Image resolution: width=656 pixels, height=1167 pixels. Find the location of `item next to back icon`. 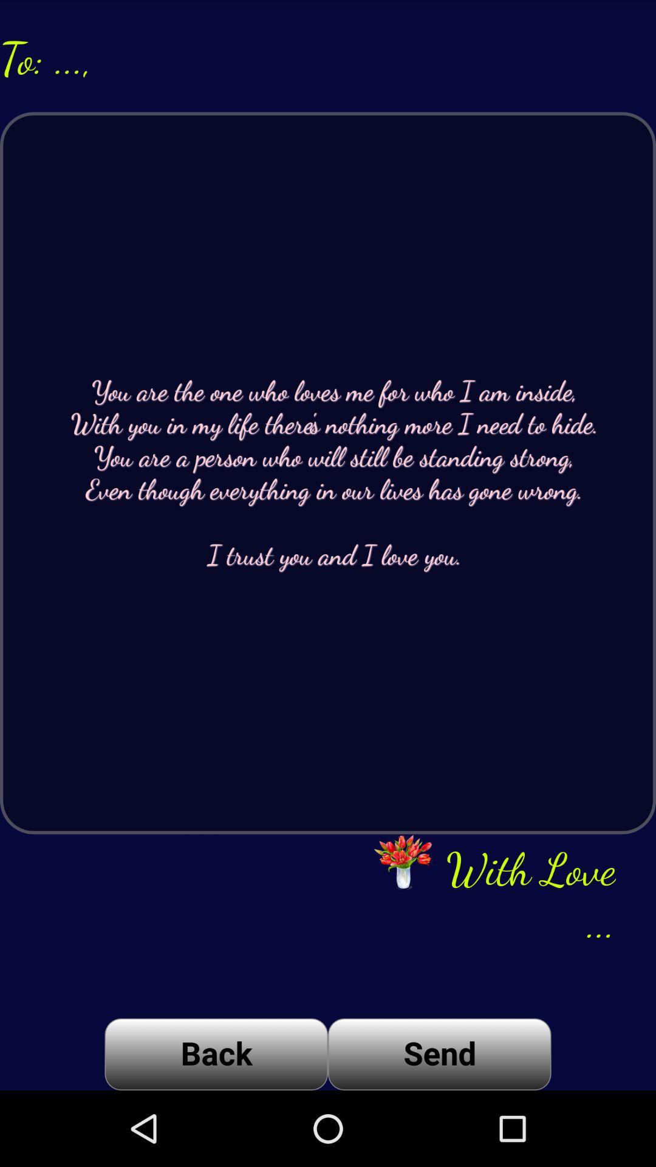

item next to back icon is located at coordinates (439, 1053).